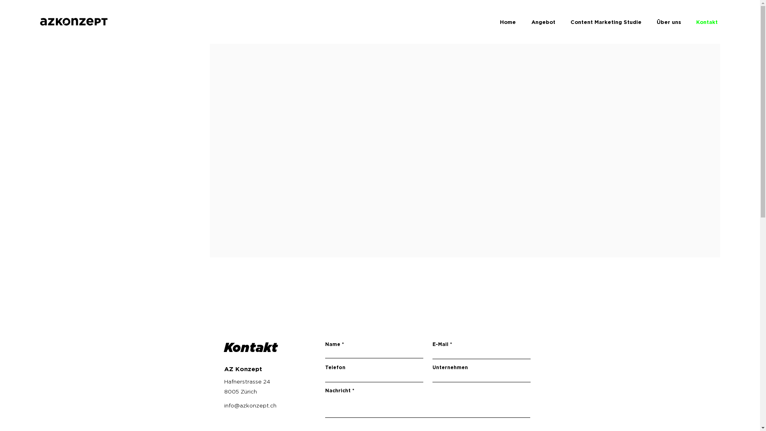 This screenshot has width=766, height=431. What do you see at coordinates (707, 21) in the screenshot?
I see `'Kontakt'` at bounding box center [707, 21].